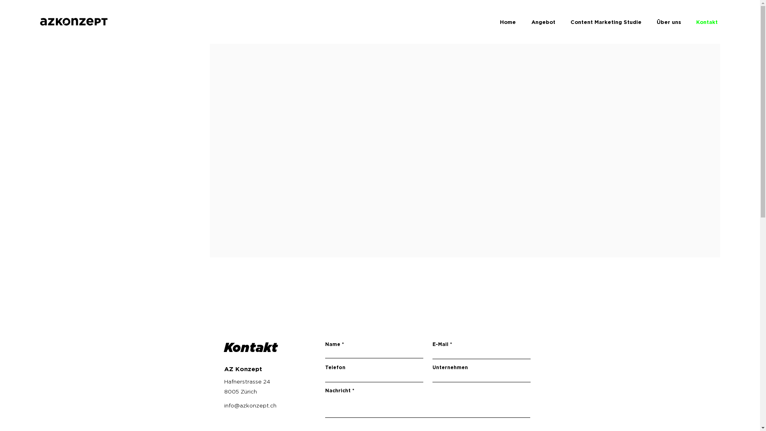 This screenshot has width=766, height=431. What do you see at coordinates (707, 21) in the screenshot?
I see `'Kontakt'` at bounding box center [707, 21].